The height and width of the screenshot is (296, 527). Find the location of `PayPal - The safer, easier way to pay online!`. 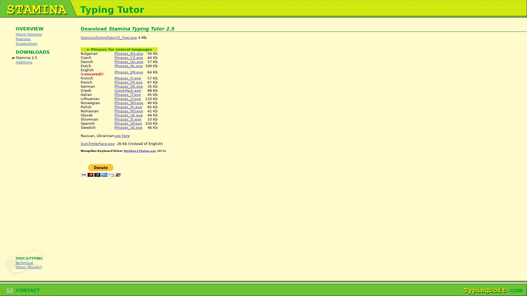

PayPal - The safer, easier way to pay online! is located at coordinates (101, 170).